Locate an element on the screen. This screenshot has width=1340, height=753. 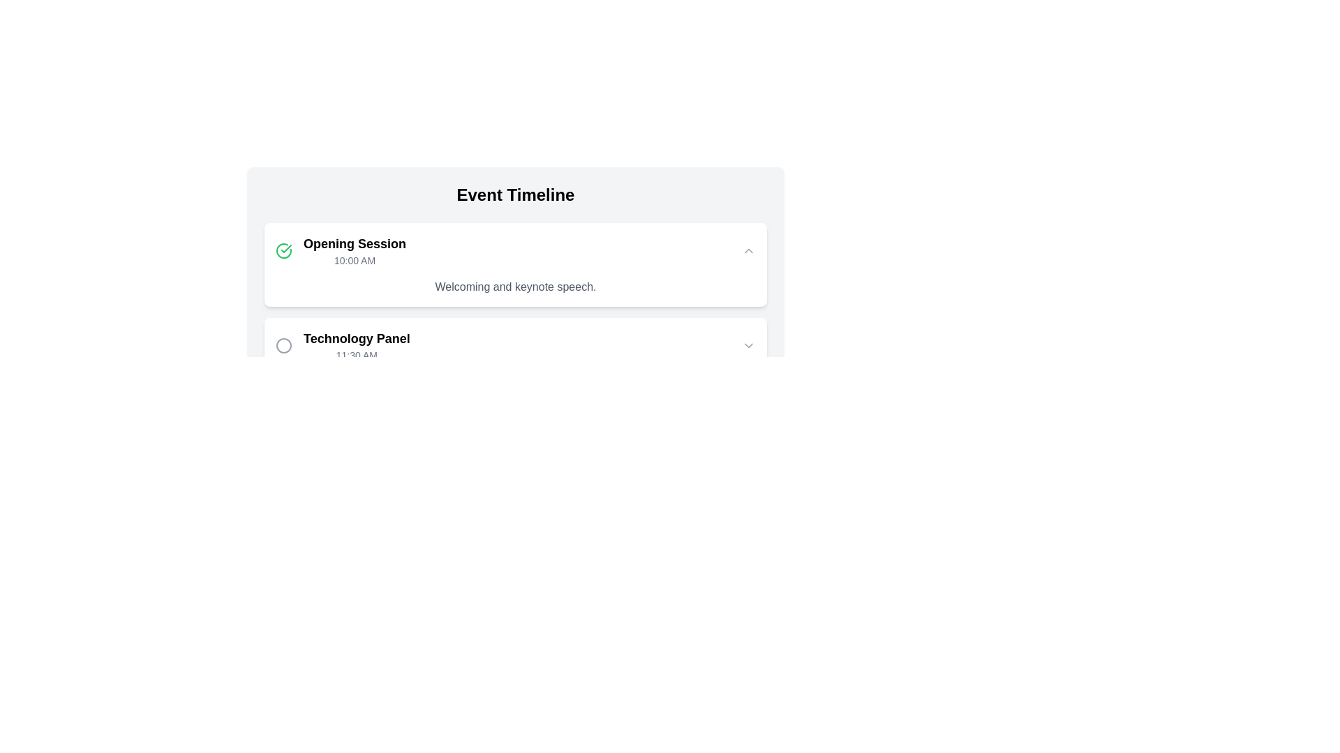
the circular icon with a green outline and checkmark, which is positioned to the left of the 'Opening Session' text in the 'Event Timeline' component is located at coordinates (283, 250).